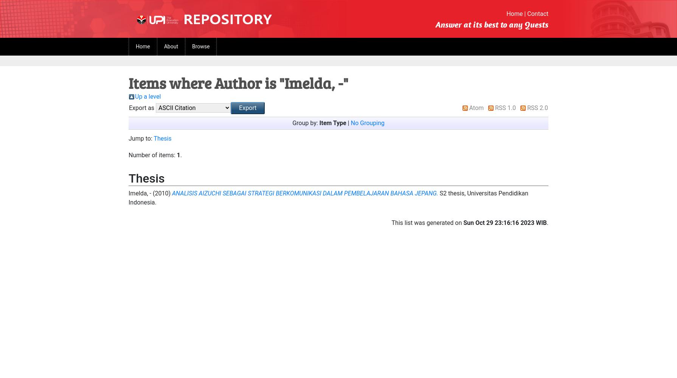  I want to click on 'No Grouping', so click(367, 122).